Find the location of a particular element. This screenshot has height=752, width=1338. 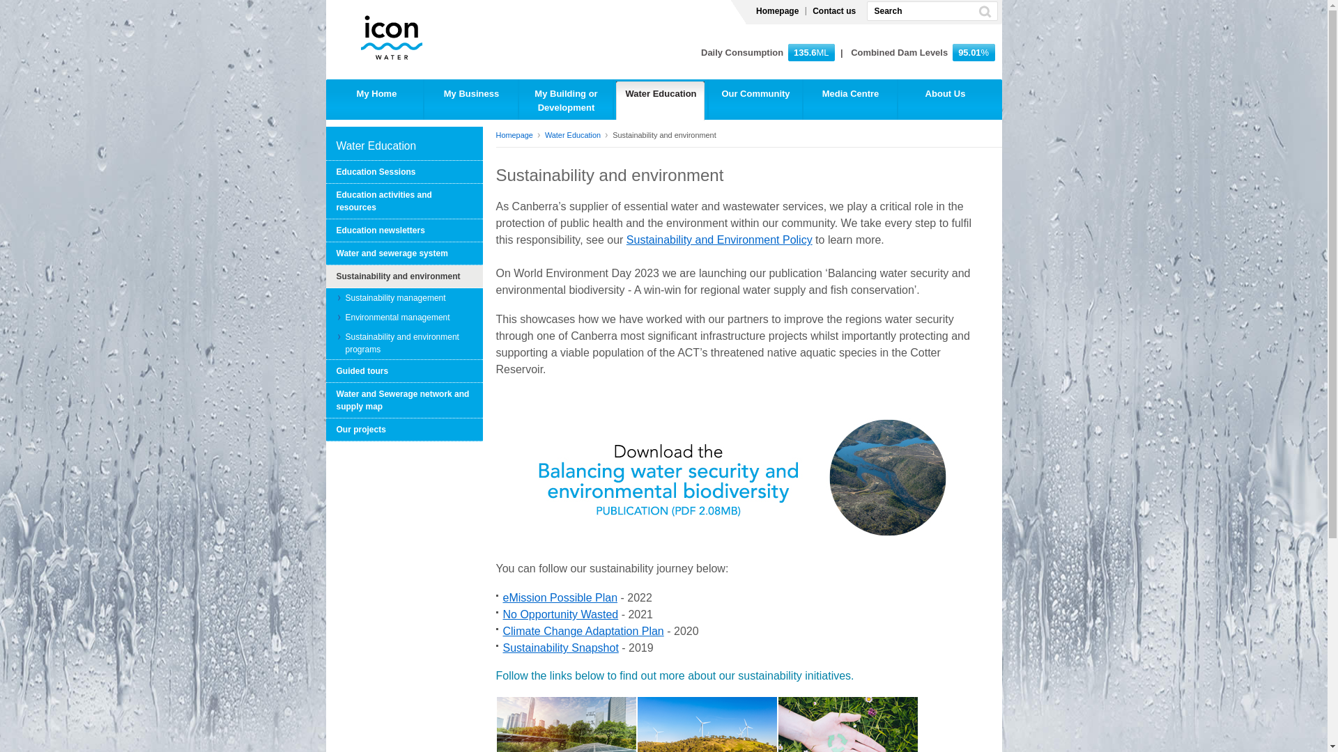

'Homepage' is located at coordinates (517, 134).